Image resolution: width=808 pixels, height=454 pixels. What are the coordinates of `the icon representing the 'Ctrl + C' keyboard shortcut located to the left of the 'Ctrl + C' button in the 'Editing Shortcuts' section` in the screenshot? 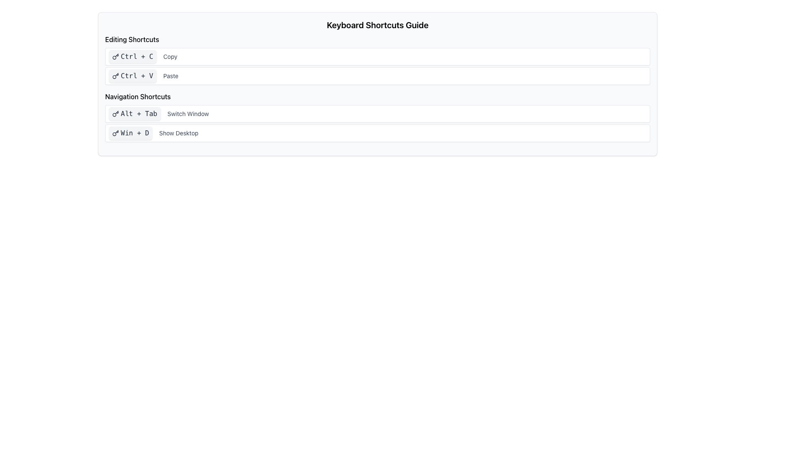 It's located at (115, 57).